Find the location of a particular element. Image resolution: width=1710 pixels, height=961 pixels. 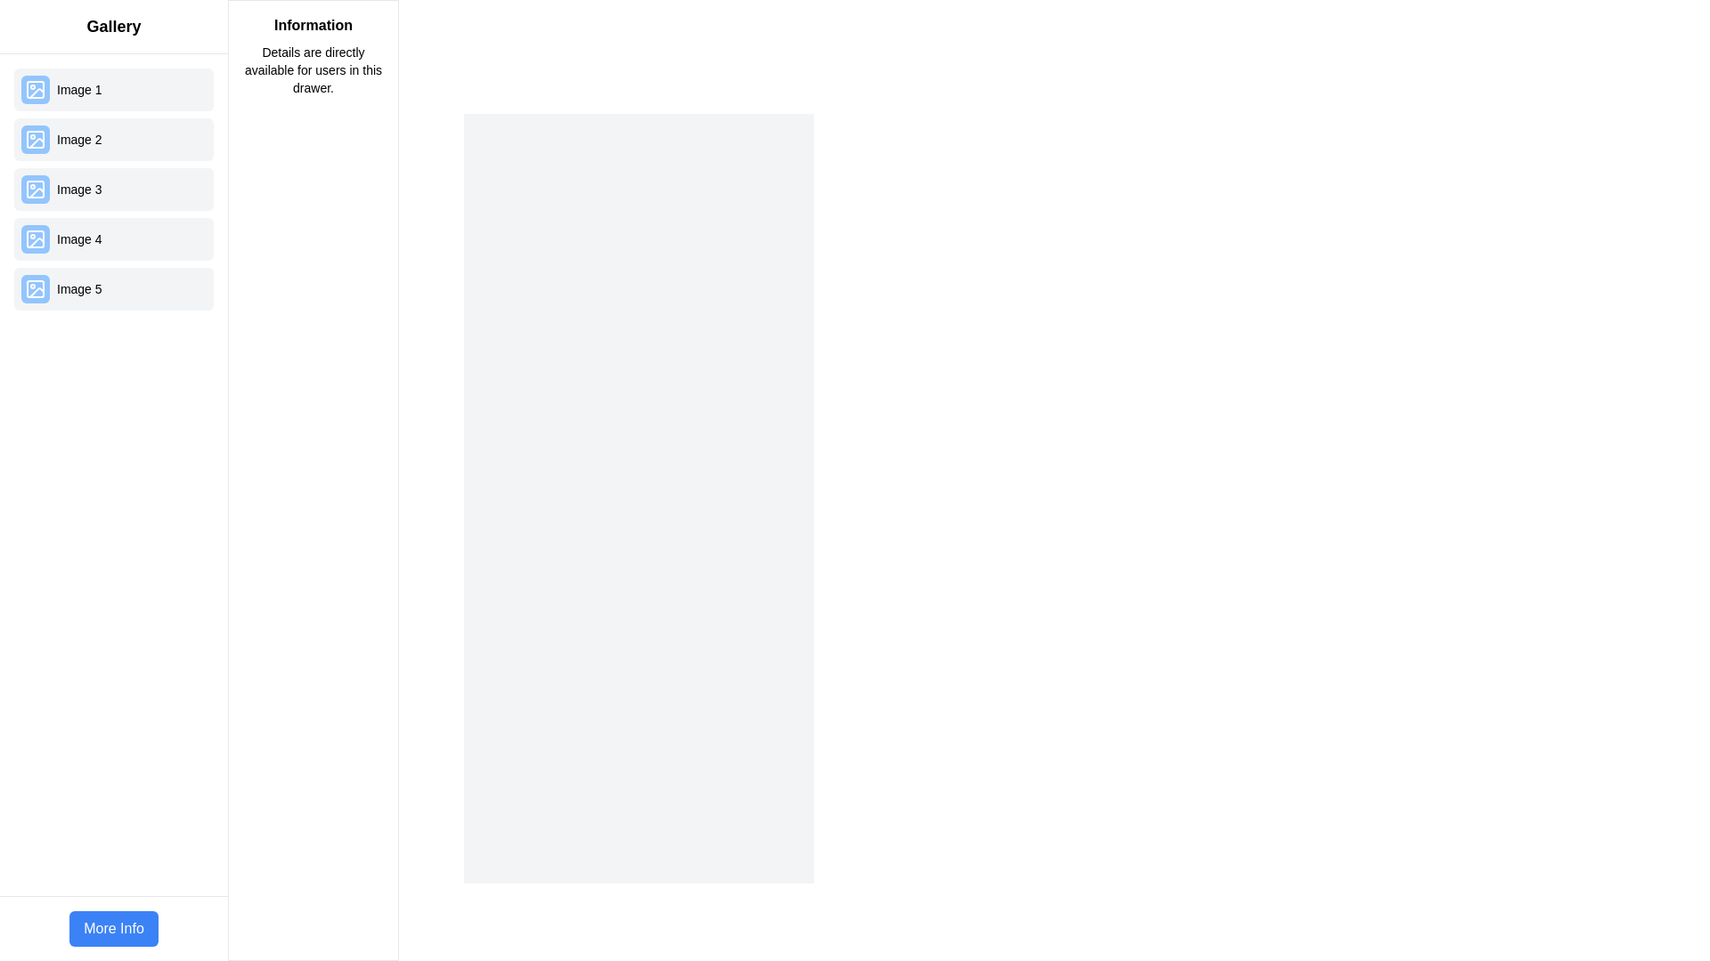

the icon representing 'Image 4' located in the fourth row of the vertical gallery list on the left pane is located at coordinates (35, 238).